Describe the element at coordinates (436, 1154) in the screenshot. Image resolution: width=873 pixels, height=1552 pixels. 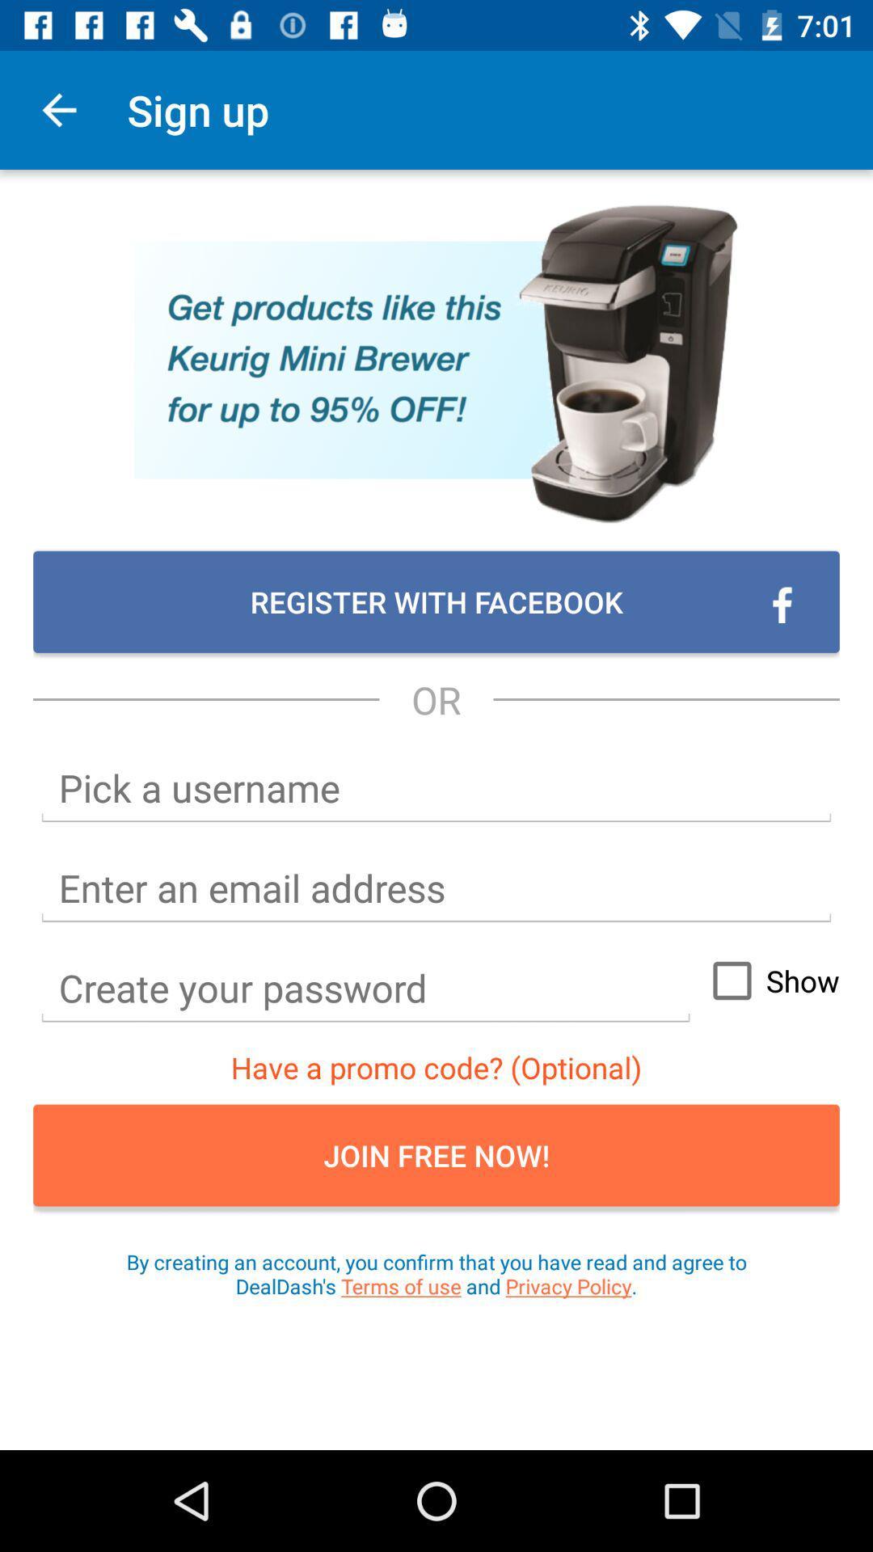
I see `the item below have a promo item` at that location.